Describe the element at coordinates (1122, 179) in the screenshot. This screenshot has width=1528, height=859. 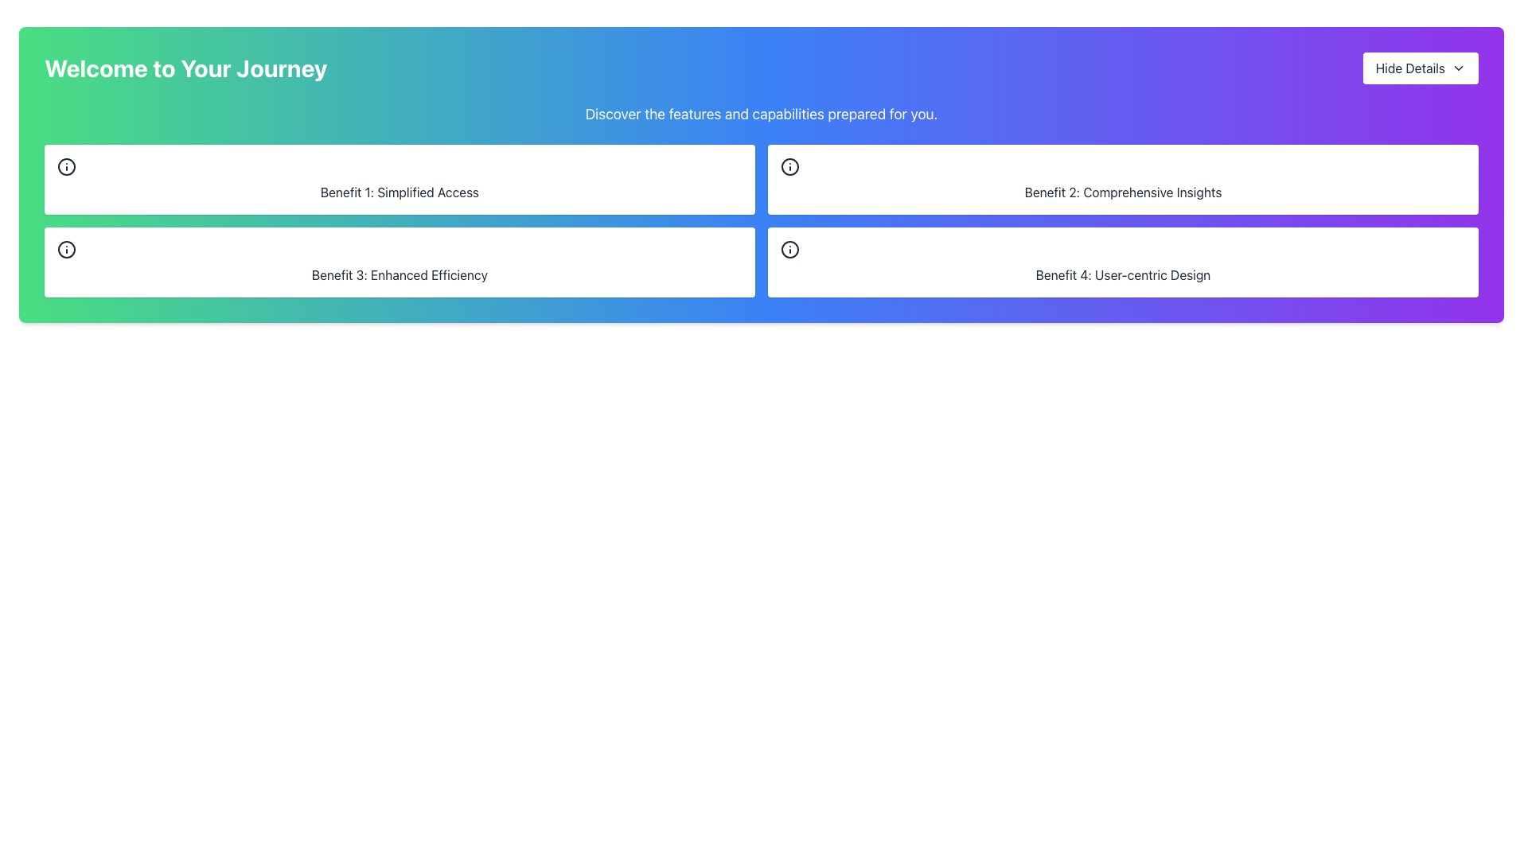
I see `the informational card component that highlights 'Comprehensive Insights', located in the top row and second column of a grid layout` at that location.